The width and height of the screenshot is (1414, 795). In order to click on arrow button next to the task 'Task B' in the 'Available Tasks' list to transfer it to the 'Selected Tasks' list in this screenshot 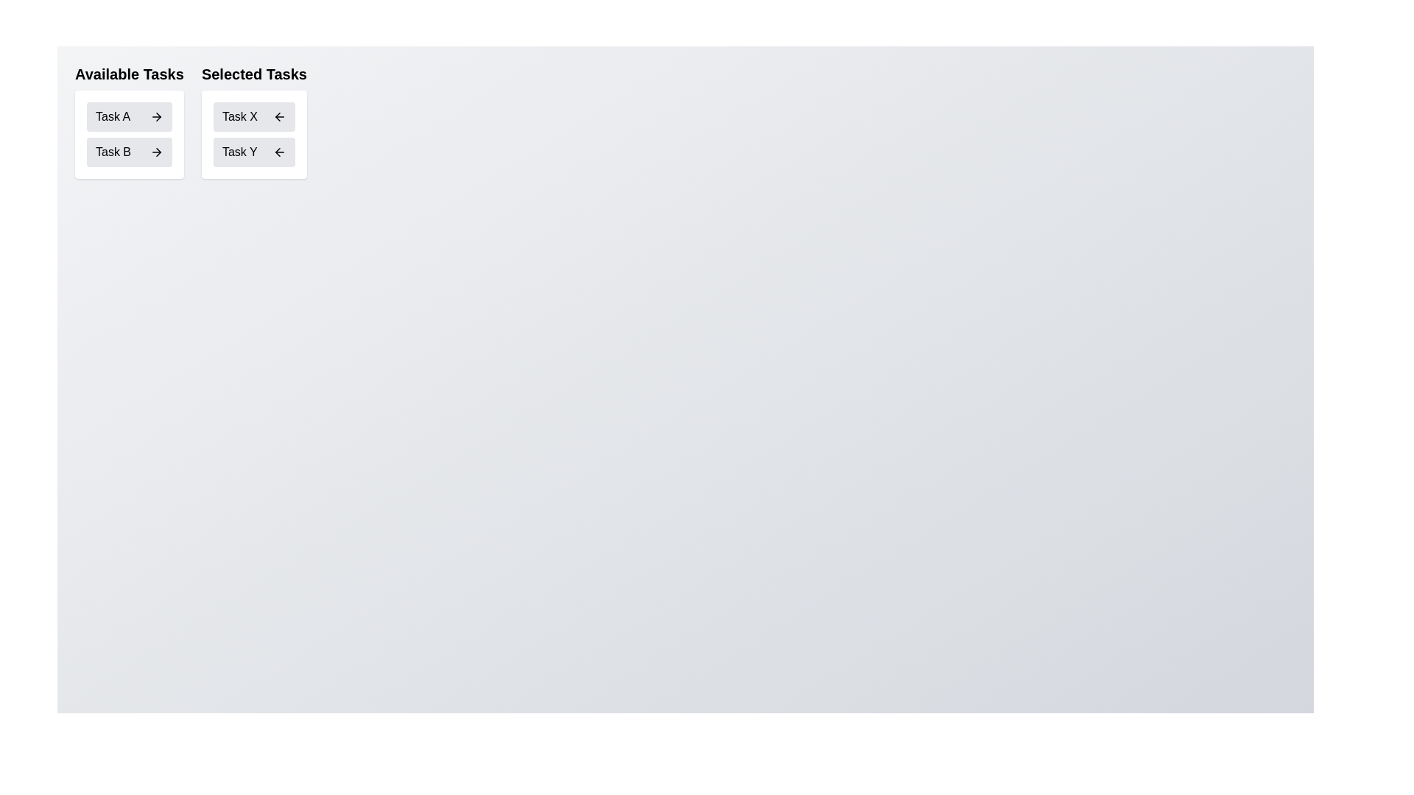, I will do `click(156, 152)`.